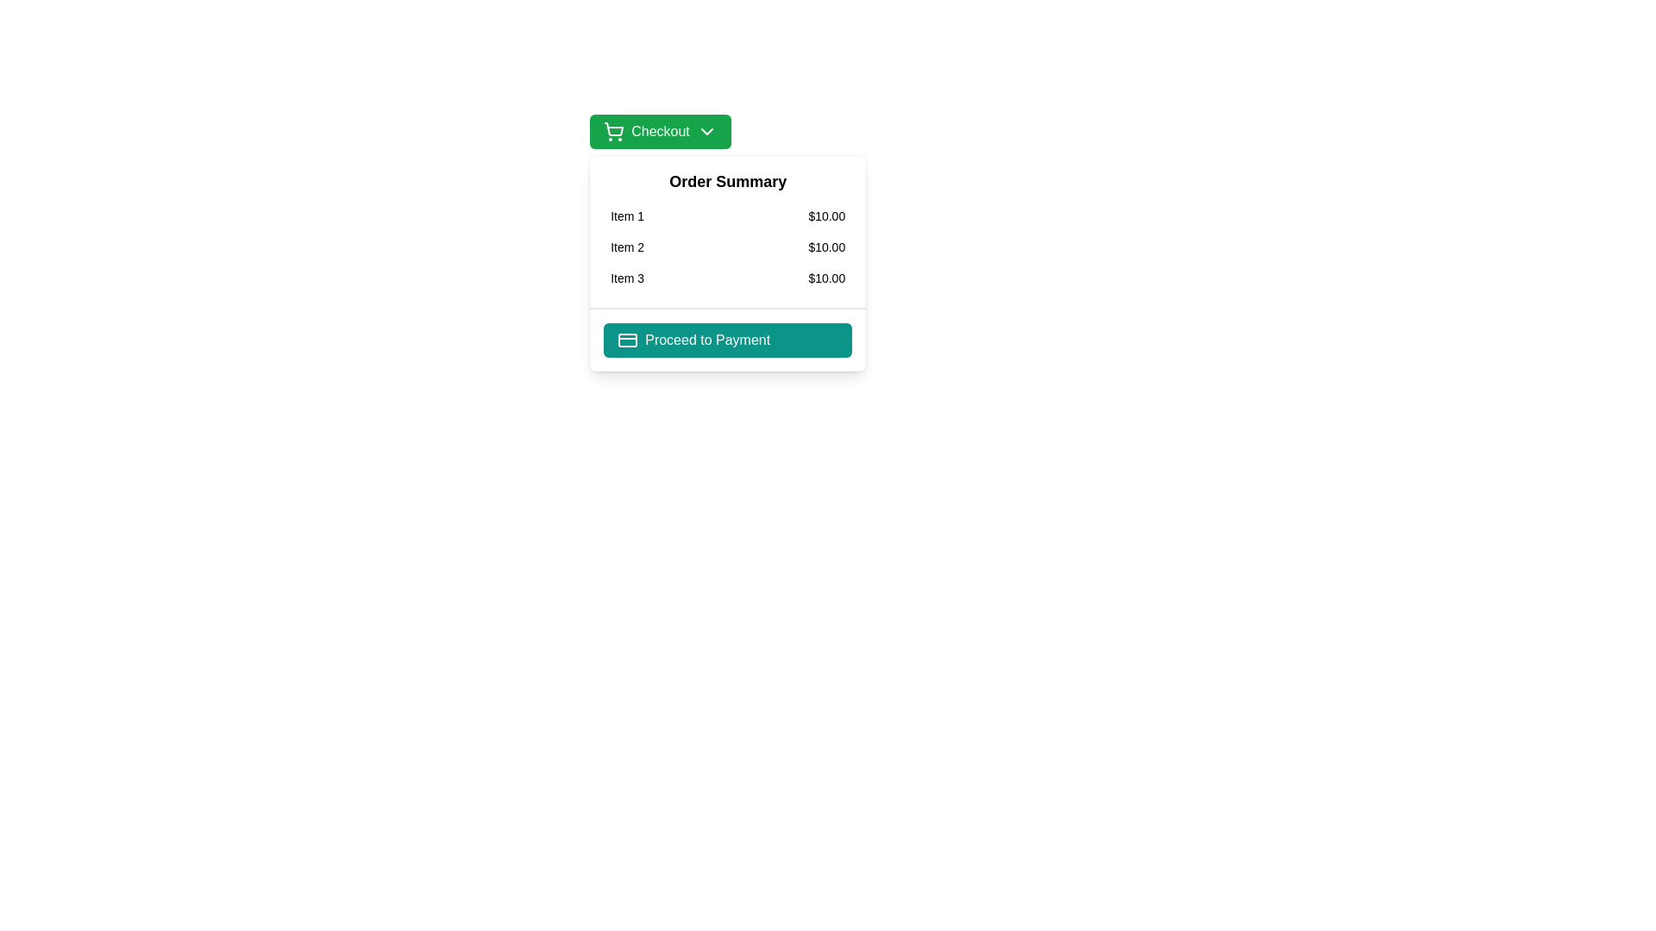  What do you see at coordinates (613, 128) in the screenshot?
I see `the shopping cart icon, which is a thin outline in a green interface, located within the green 'Checkout' button at the top-left of the interface` at bounding box center [613, 128].